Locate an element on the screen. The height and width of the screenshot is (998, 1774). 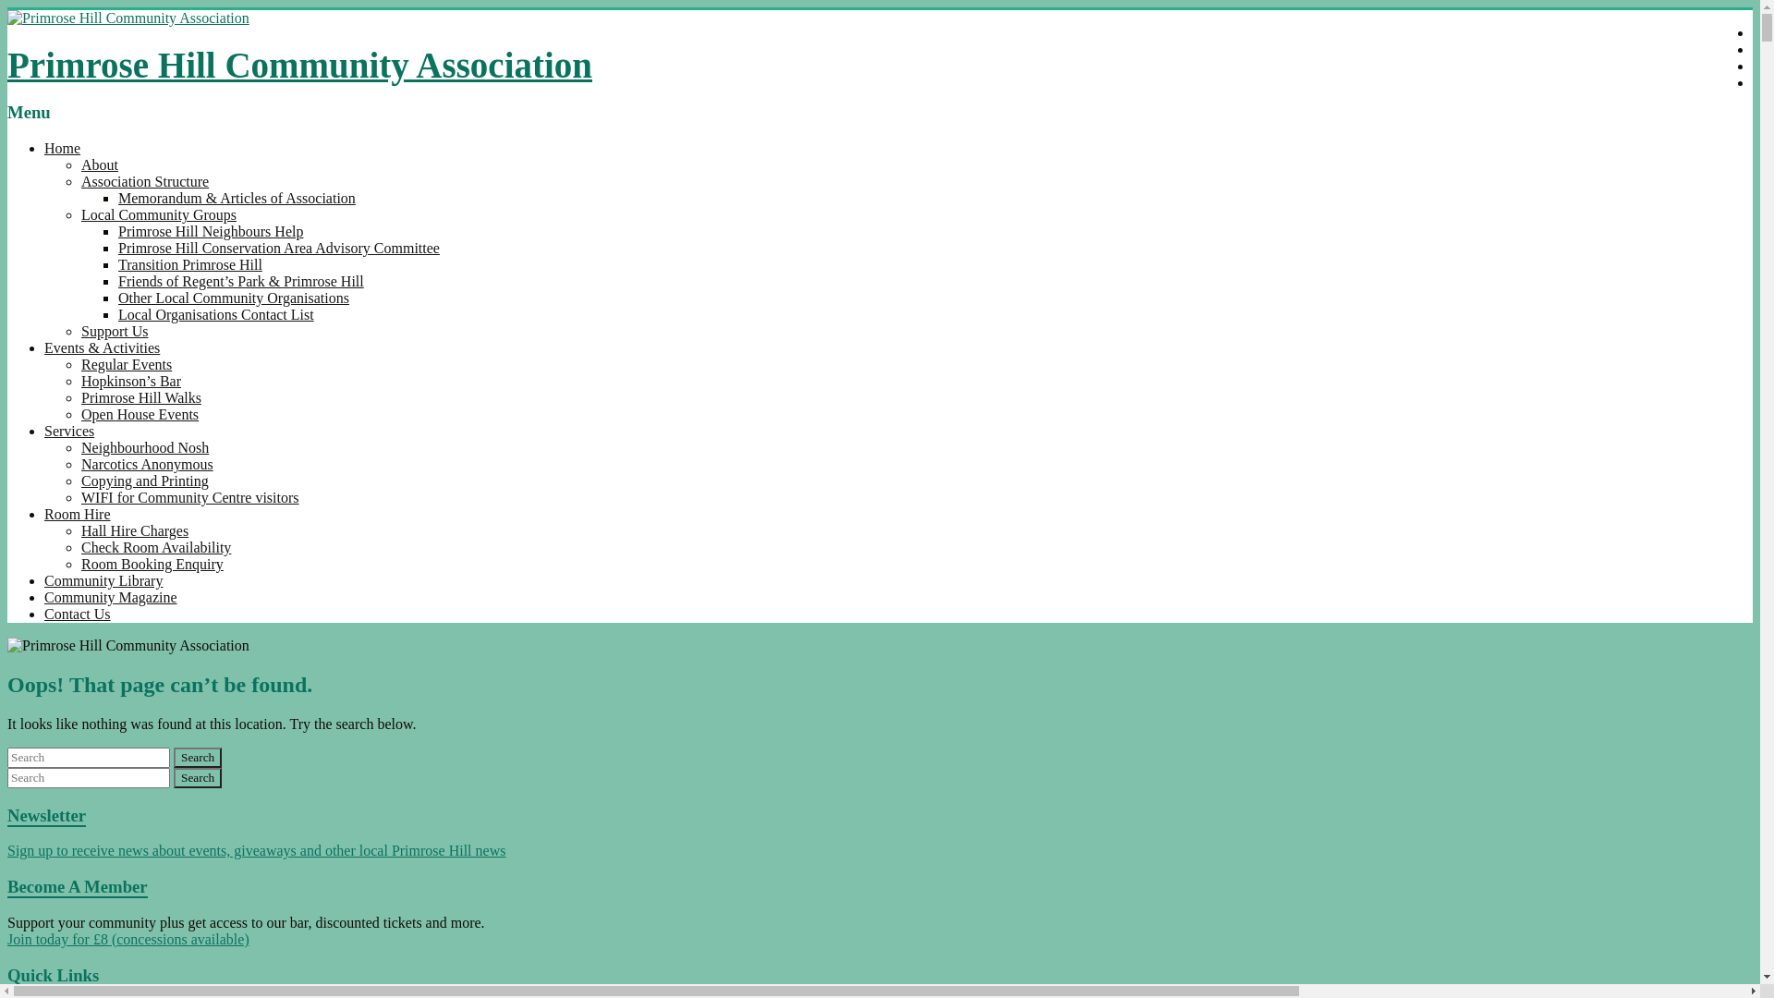
'Primrose Hill Conservation Area Advisory Committee' is located at coordinates (278, 247).